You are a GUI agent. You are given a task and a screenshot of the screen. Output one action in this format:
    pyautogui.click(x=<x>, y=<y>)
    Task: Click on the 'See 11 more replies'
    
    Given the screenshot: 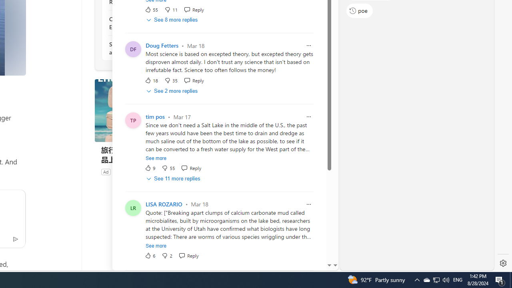 What is the action you would take?
    pyautogui.click(x=173, y=178)
    